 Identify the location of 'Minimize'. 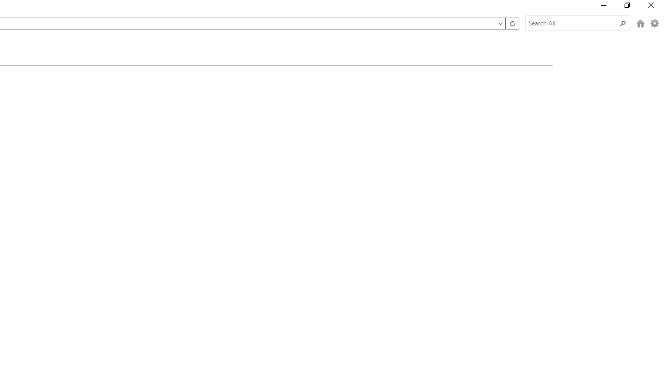
(603, 8).